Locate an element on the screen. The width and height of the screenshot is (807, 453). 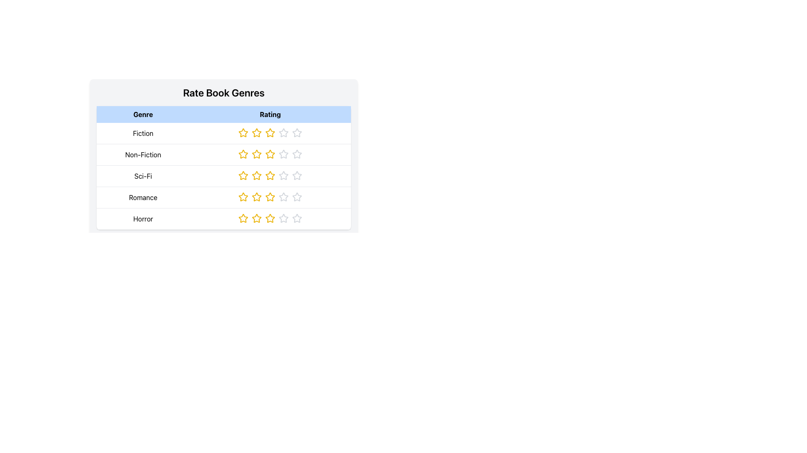
the fourth star in the 'Romance' row of the star-rating UI element is located at coordinates (297, 197).